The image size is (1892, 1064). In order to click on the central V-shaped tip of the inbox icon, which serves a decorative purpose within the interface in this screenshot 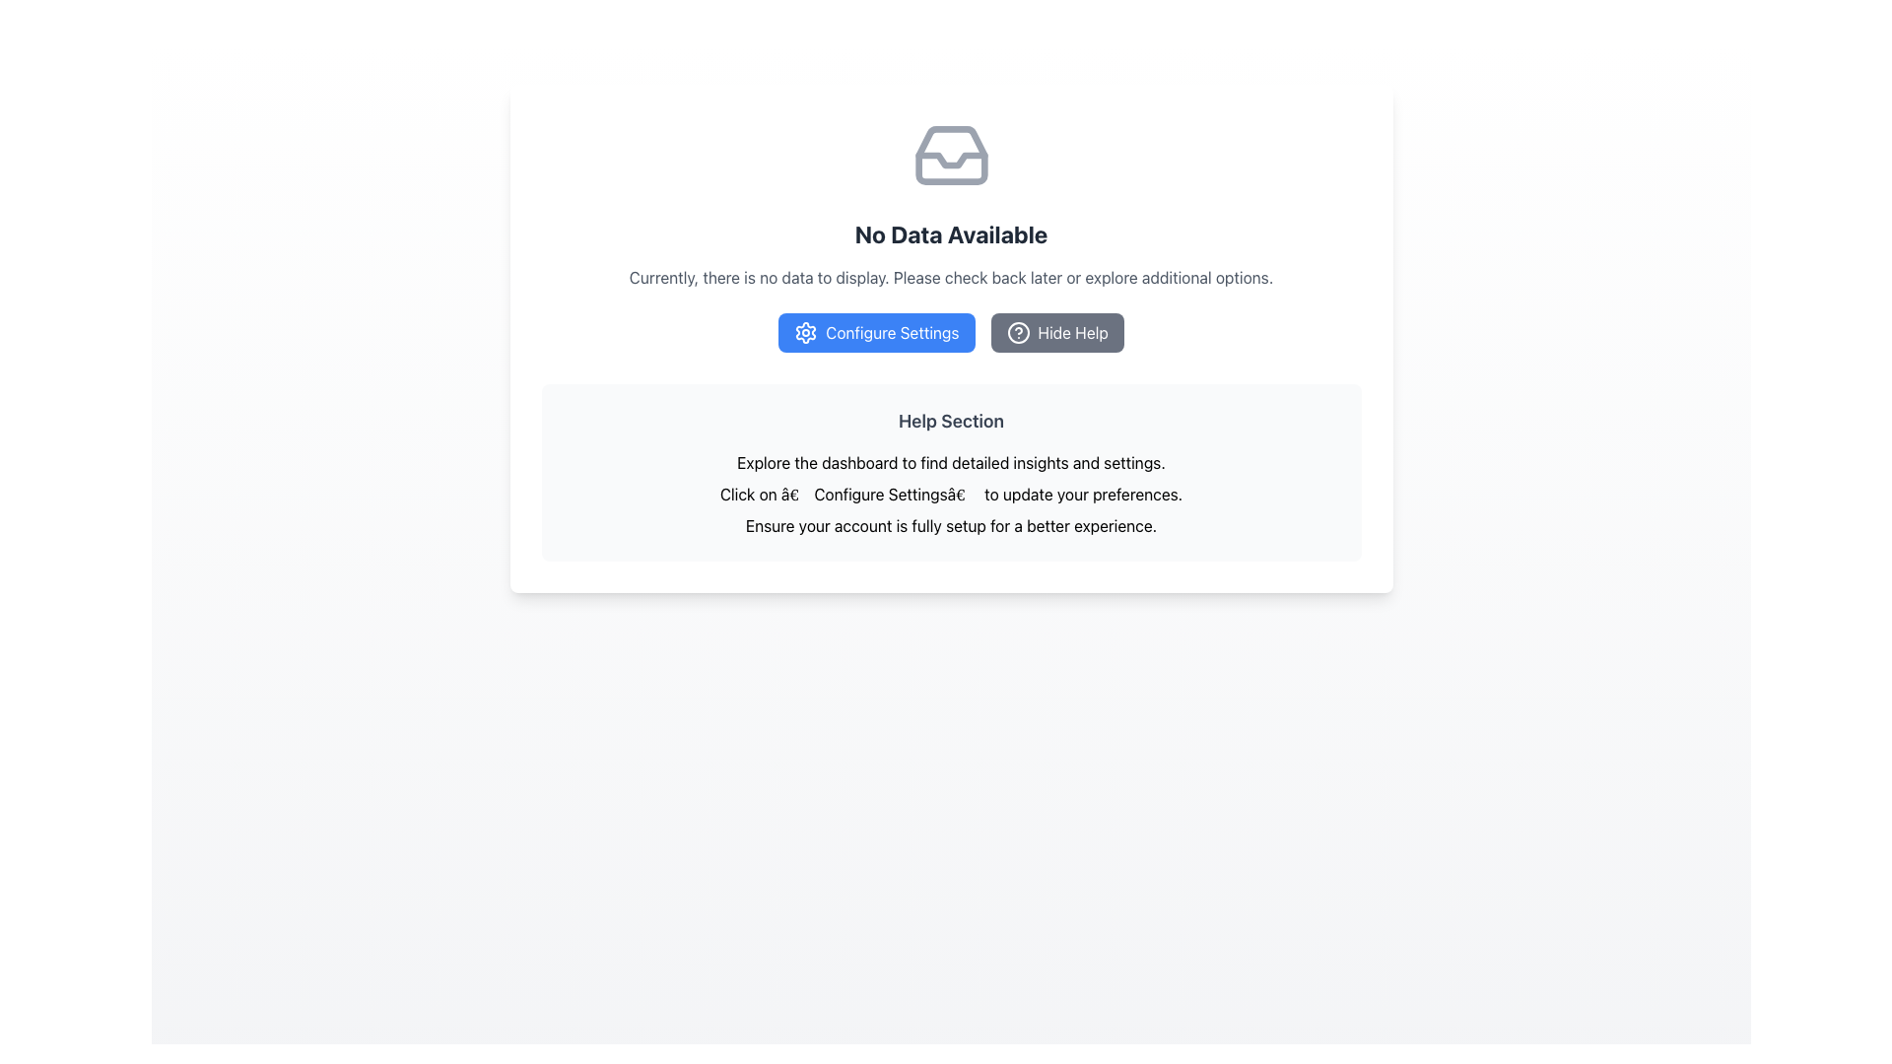, I will do `click(951, 159)`.